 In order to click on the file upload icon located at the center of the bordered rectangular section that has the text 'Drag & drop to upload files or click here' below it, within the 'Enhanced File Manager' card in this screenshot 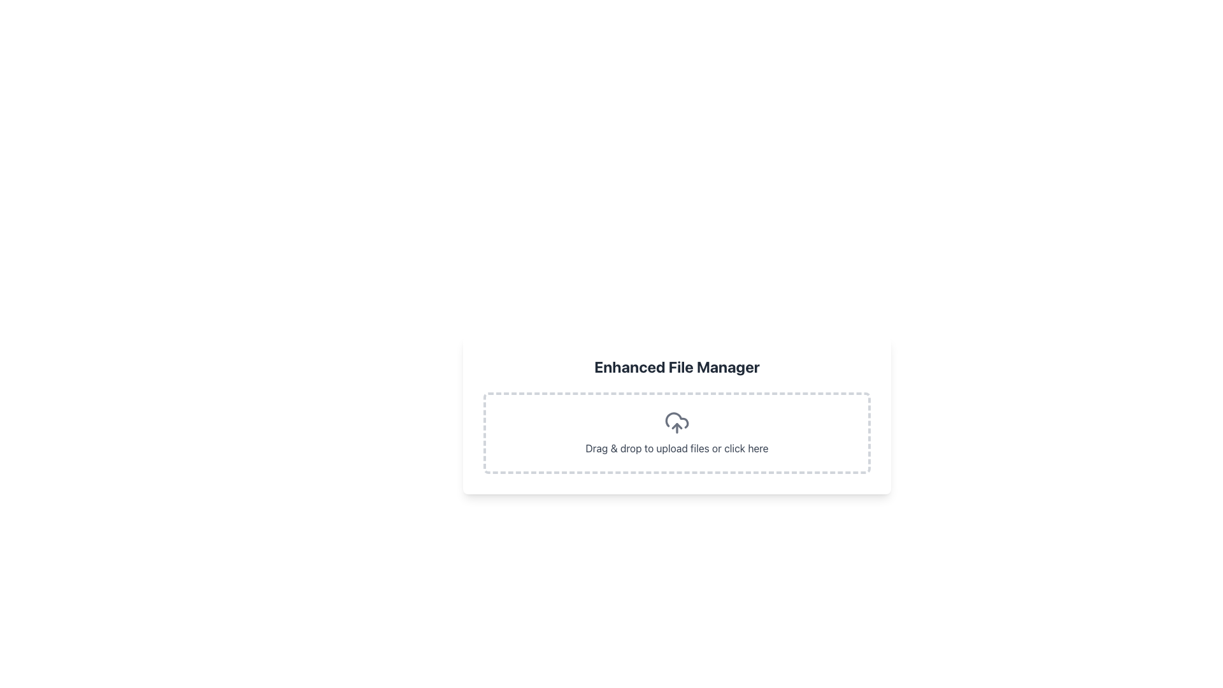, I will do `click(676, 422)`.